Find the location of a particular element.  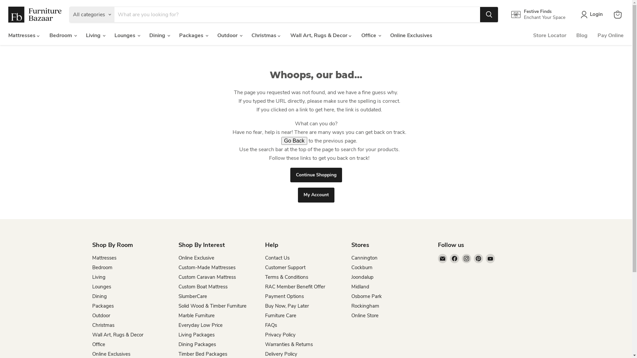

'Rockingham' is located at coordinates (365, 306).